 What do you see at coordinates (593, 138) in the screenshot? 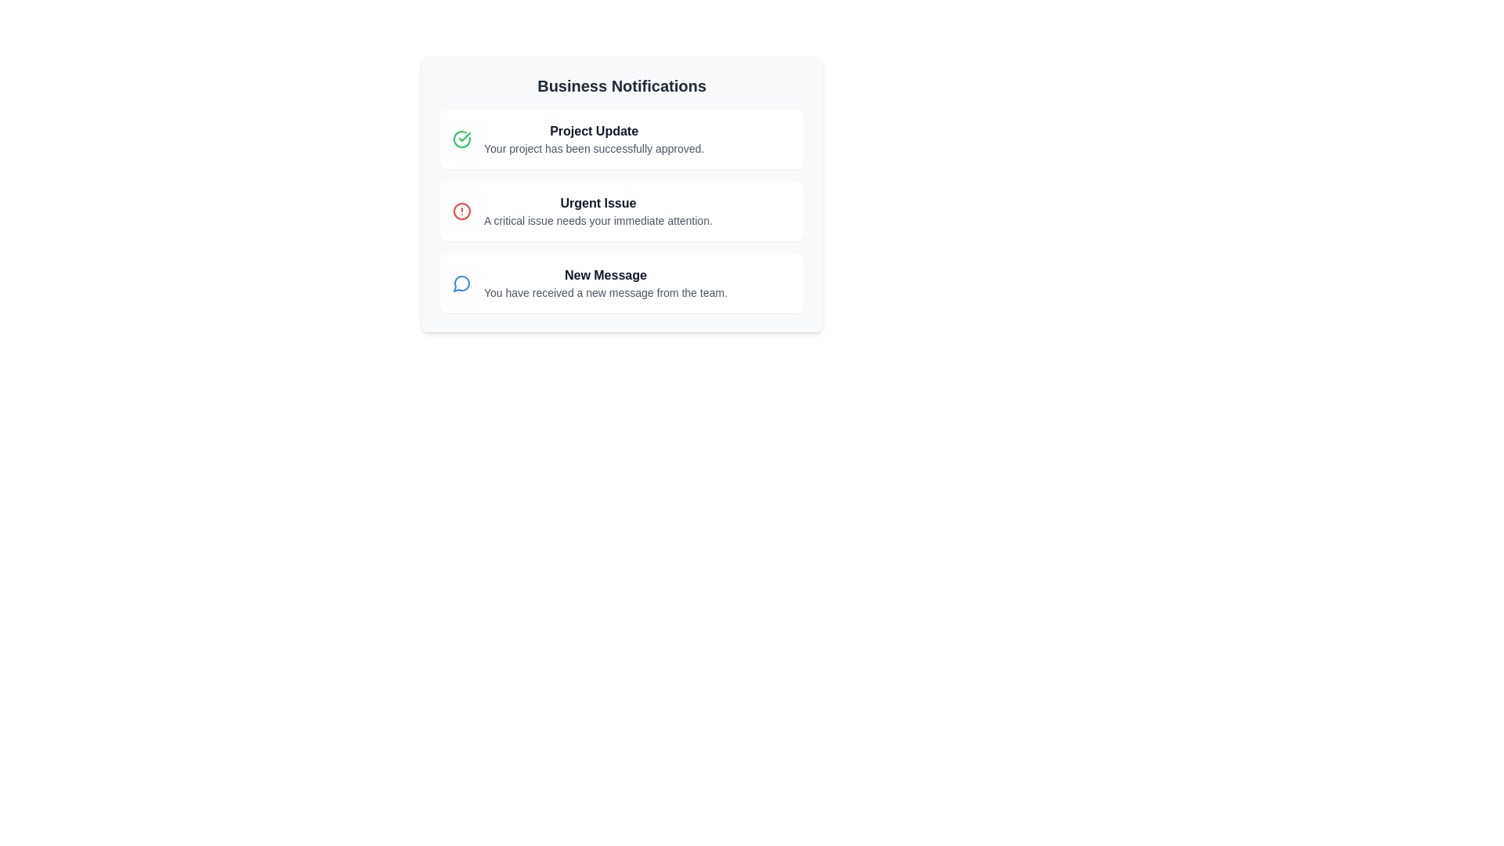
I see `the interactive text component containing the title 'Project Update' and the subtitle 'Your project has been successfully approved.' located in the first notification card at the specified coordinates` at bounding box center [593, 138].